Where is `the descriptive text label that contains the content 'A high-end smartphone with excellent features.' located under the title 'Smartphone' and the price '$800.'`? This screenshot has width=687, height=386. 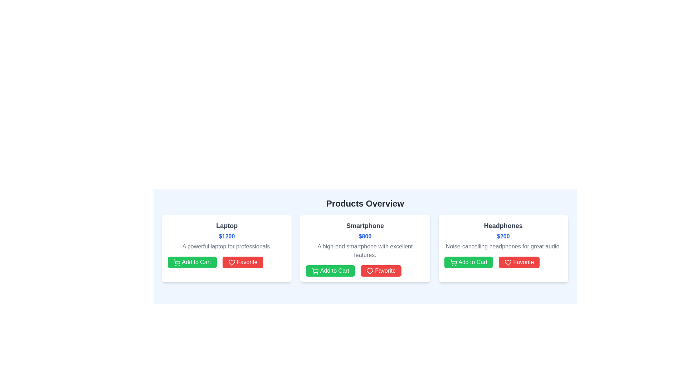
the descriptive text label that contains the content 'A high-end smartphone with excellent features.' located under the title 'Smartphone' and the price '$800.' is located at coordinates (365, 251).